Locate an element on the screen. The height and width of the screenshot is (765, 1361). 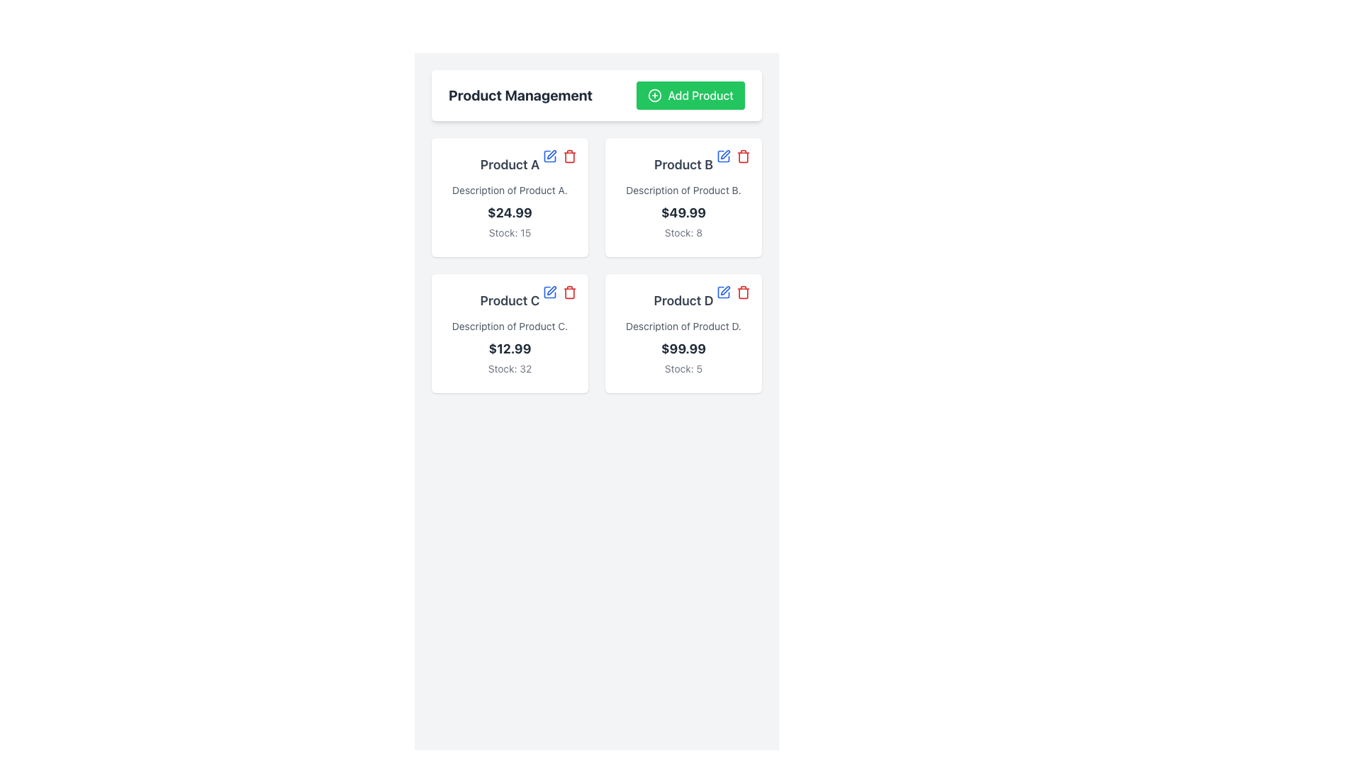
the pen icon located in the top-right corner of the fourth product card labeled 'Product D' to initiate editing is located at coordinates (725, 290).